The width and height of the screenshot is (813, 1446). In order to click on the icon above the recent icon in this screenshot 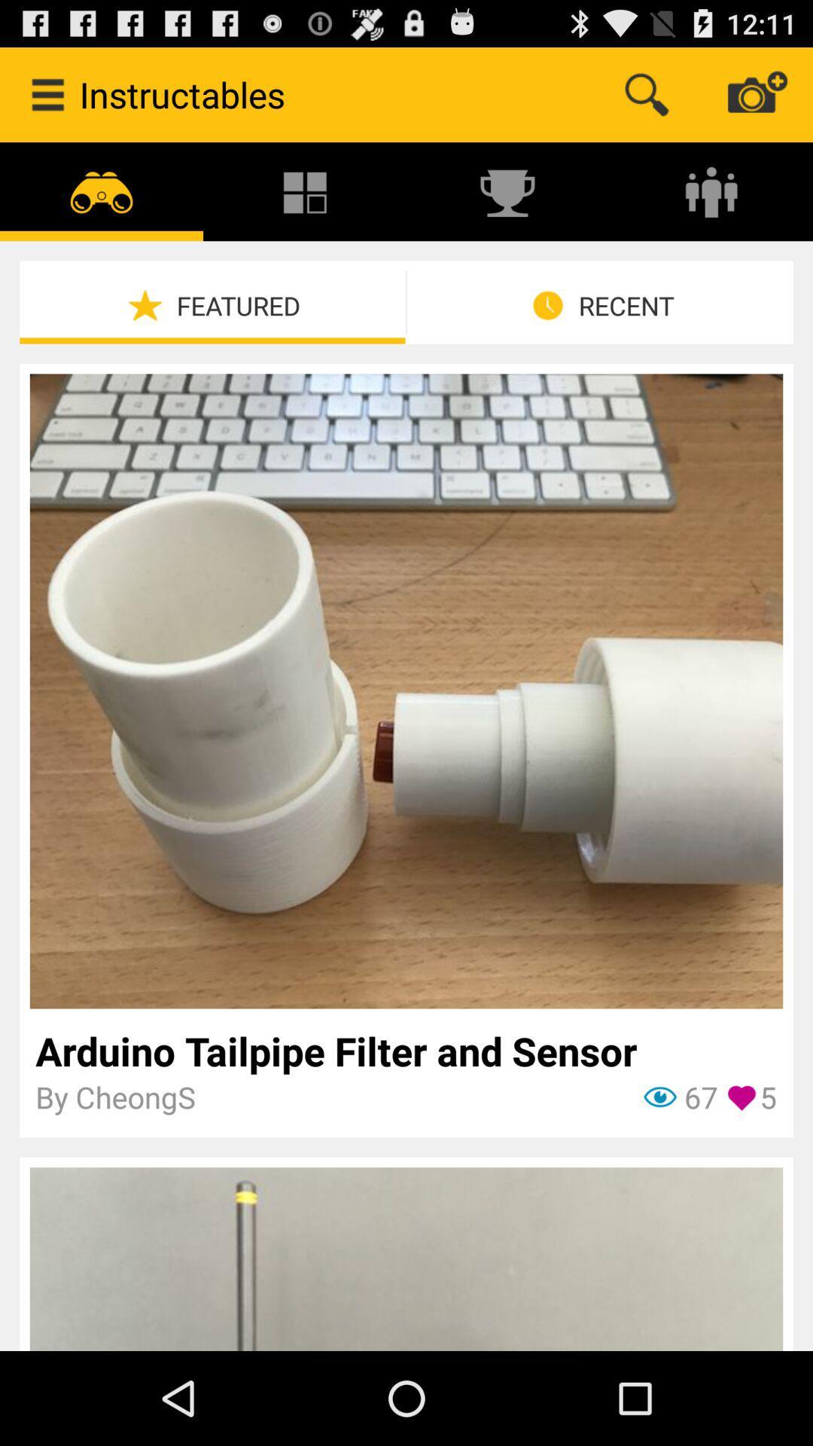, I will do `click(711, 191)`.